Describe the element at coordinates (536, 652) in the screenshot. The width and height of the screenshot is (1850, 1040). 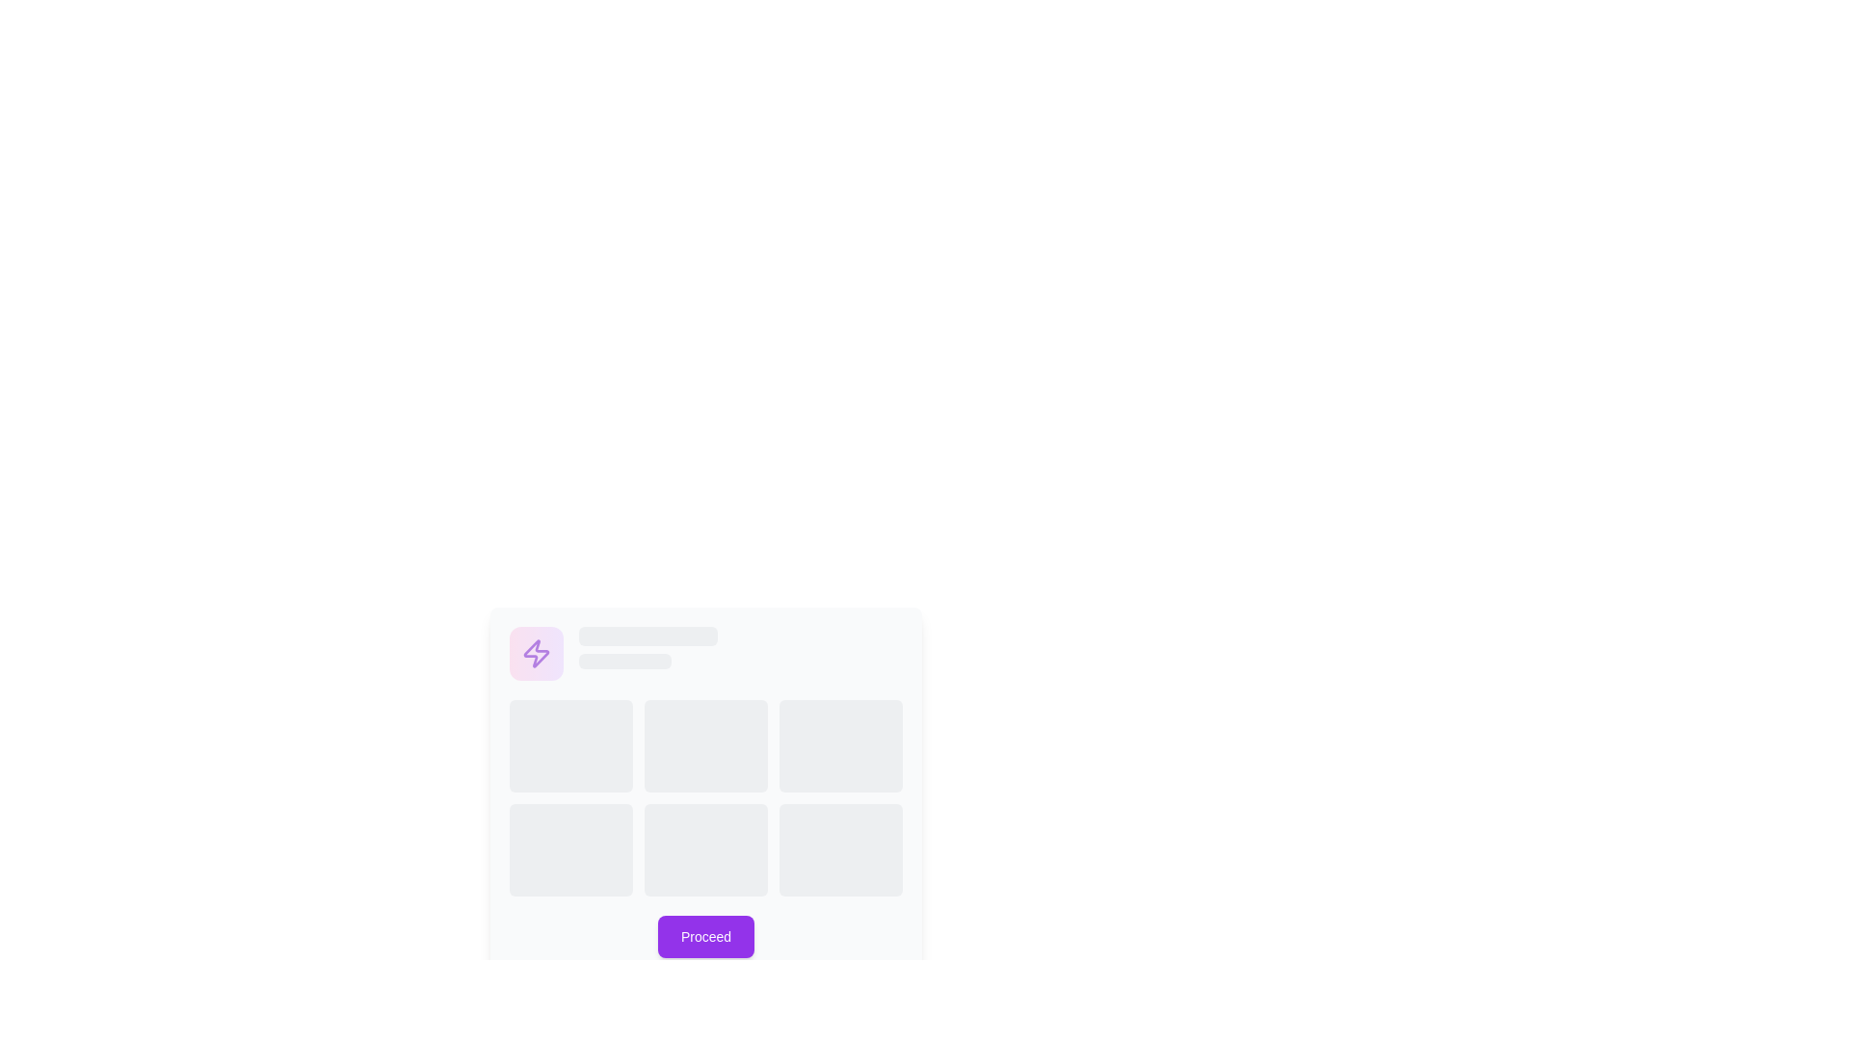
I see `the square icon with a gradient background from pink to purple, featuring a bold purple lightning icon in the center` at that location.